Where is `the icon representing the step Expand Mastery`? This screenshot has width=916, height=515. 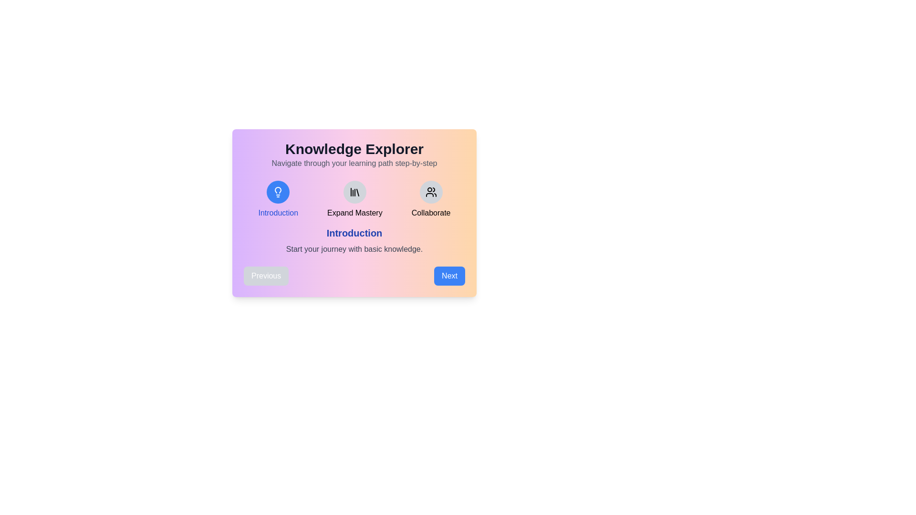
the icon representing the step Expand Mastery is located at coordinates (354, 192).